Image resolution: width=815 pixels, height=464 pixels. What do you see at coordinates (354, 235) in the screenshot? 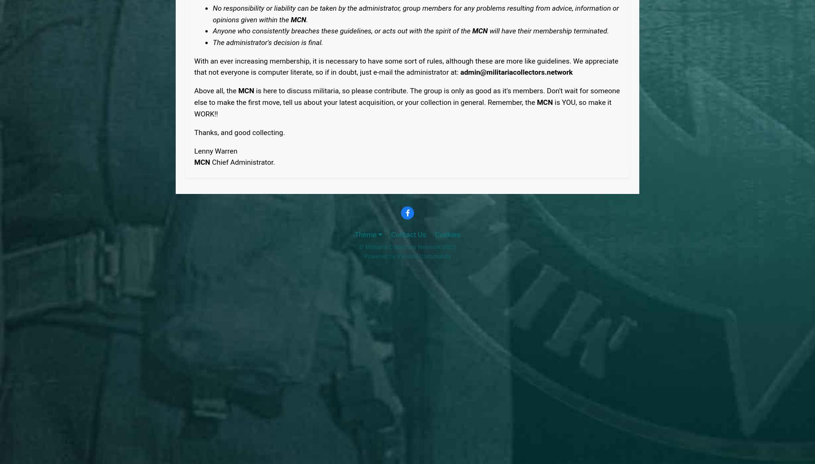
I see `'Theme'` at bounding box center [354, 235].